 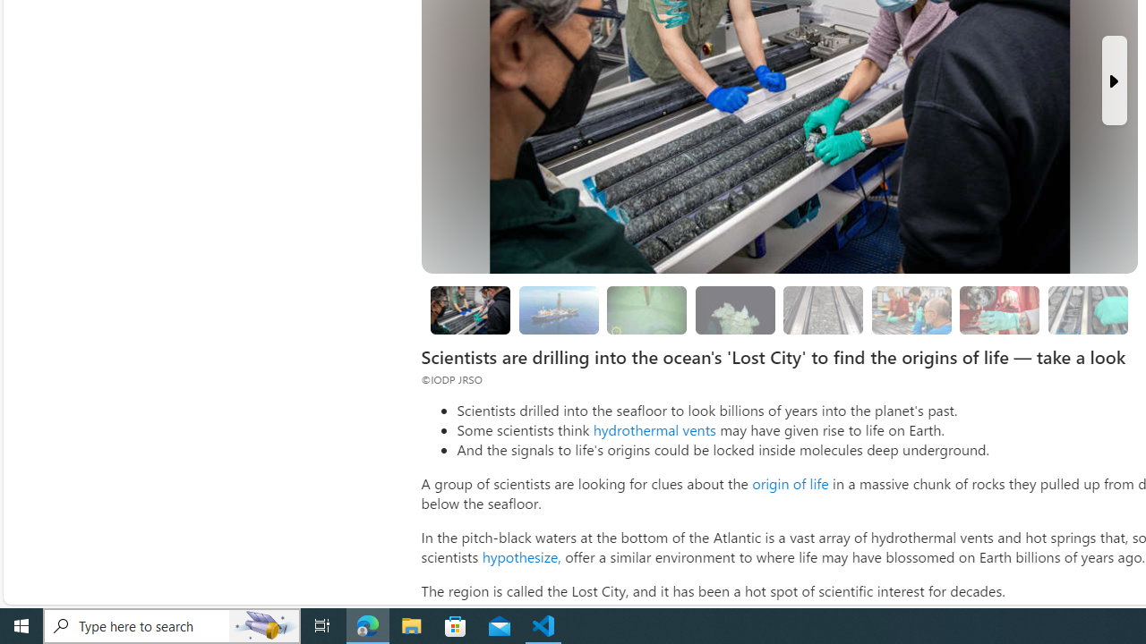 What do you see at coordinates (735, 309) in the screenshot?
I see `'The Lost City could hold clues to the origin of life.'` at bounding box center [735, 309].